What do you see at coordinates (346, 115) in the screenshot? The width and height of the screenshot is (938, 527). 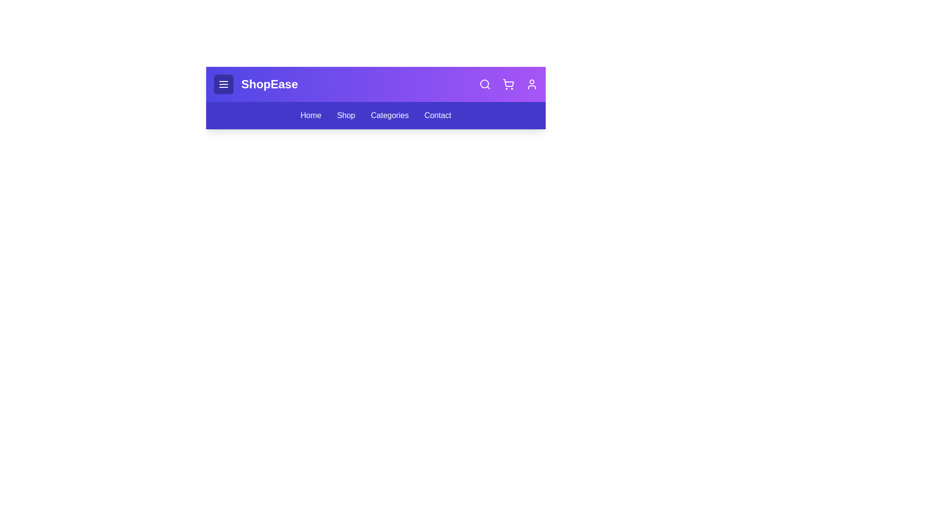 I see `the navigation link Shop` at bounding box center [346, 115].